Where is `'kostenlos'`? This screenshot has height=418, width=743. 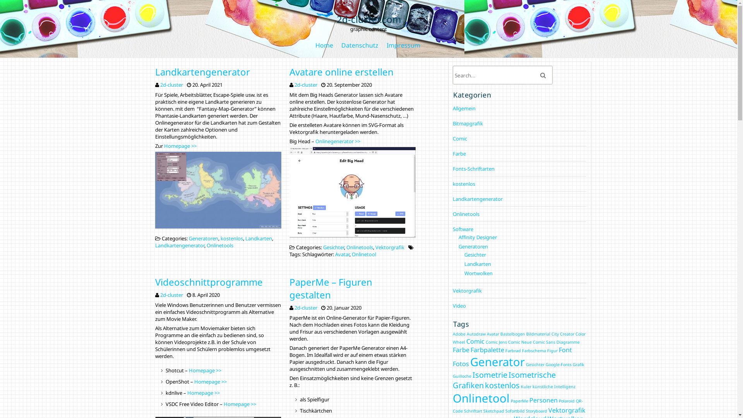
'kostenlos' is located at coordinates (464, 183).